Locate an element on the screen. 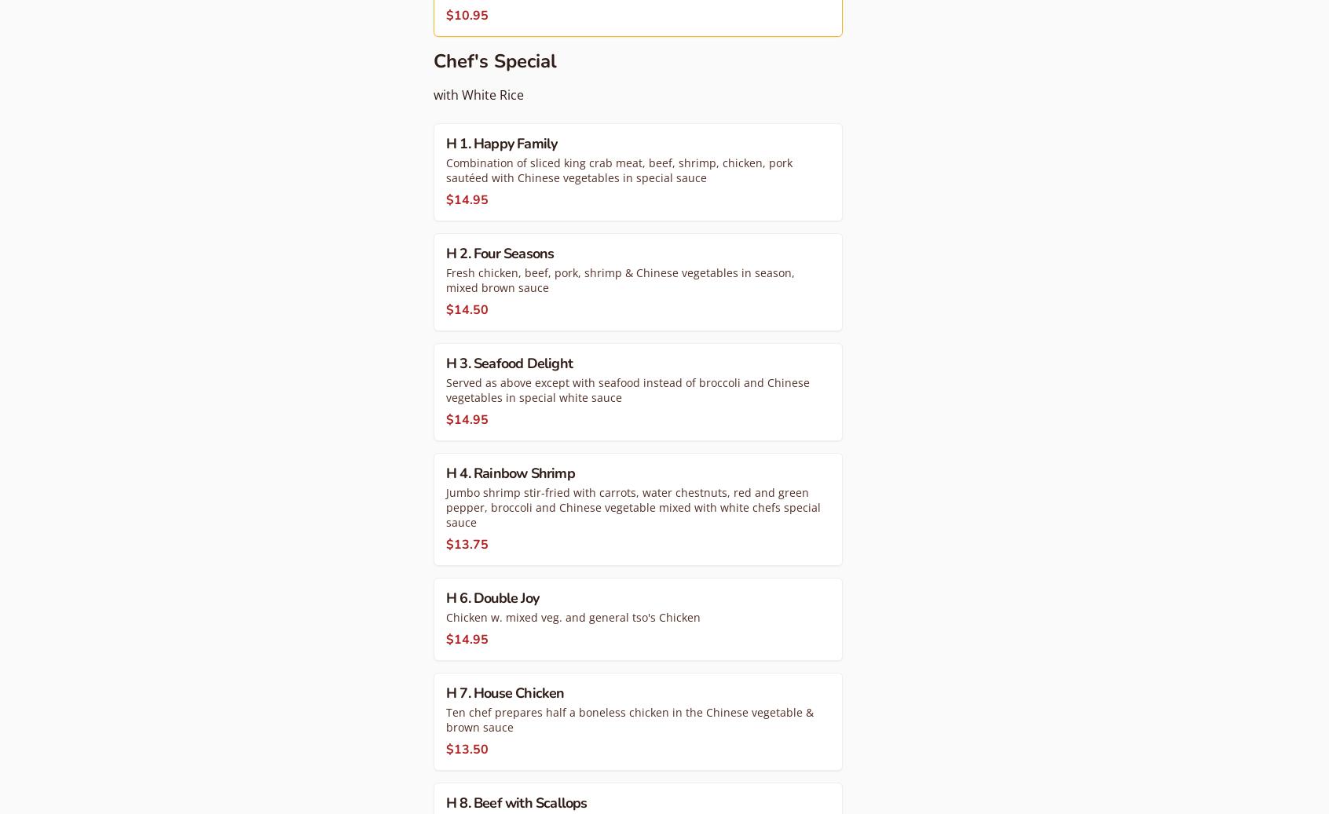  'H 1. Happy Family' is located at coordinates (445, 141).